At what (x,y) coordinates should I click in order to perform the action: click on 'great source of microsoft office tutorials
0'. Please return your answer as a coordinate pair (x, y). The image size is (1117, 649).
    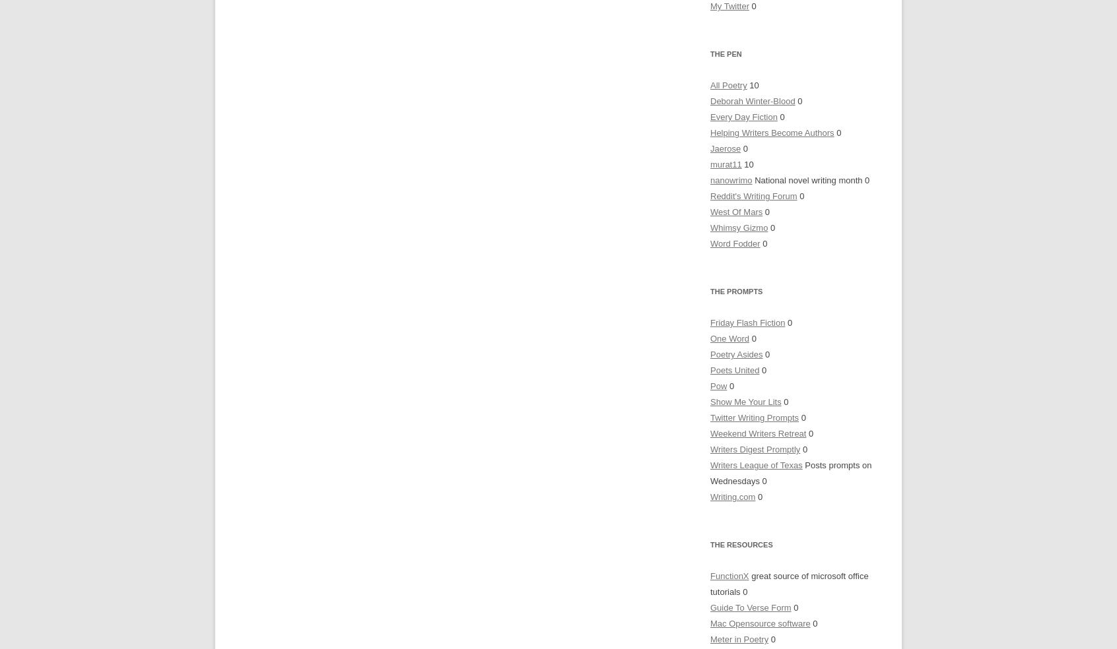
    Looking at the image, I should click on (710, 584).